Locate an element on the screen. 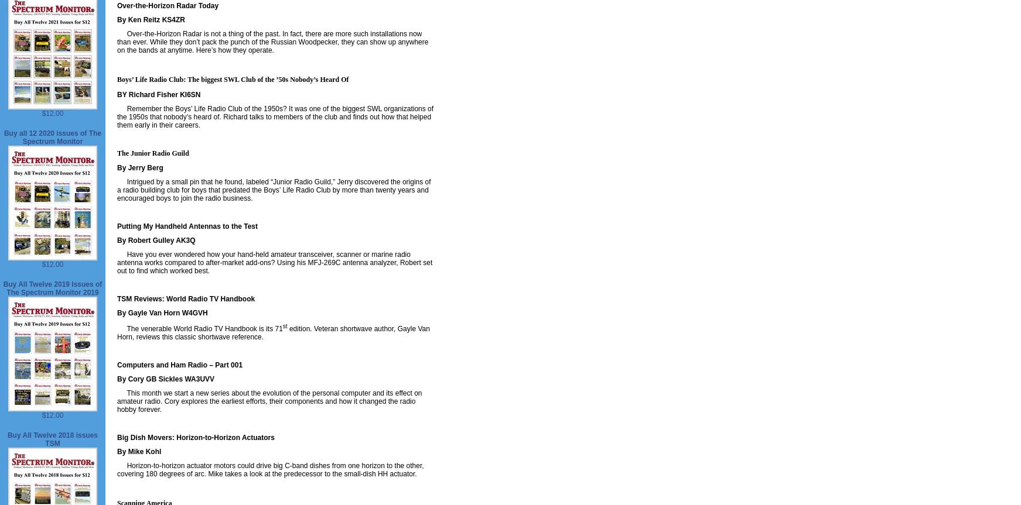  'Intrigued by a small pin that he found, labeled “Junior Radio Guild,”
Jerry discovered the origins of a radio building club for boys that predated
the Boys’ Life Radio Club by more than twenty years and encouraged boys to join
the radio business.' is located at coordinates (274, 190).